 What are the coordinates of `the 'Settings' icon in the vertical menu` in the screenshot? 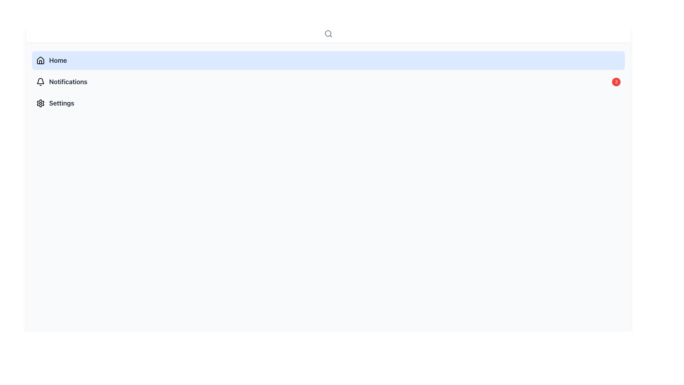 It's located at (40, 103).